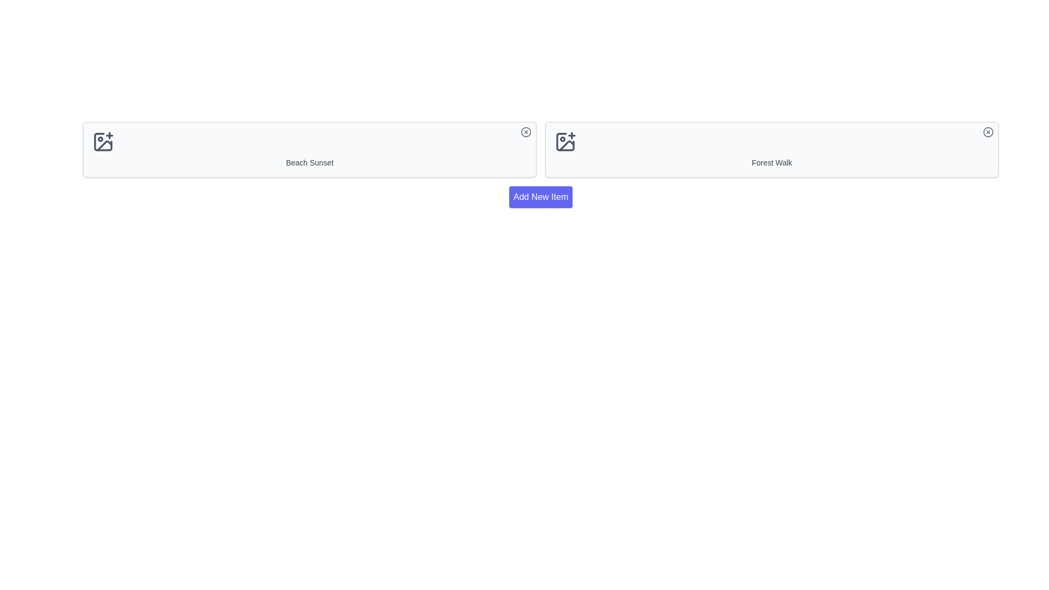  I want to click on the icon located at the top-left corner of the 'Beach Sunset' card, so click(103, 141).